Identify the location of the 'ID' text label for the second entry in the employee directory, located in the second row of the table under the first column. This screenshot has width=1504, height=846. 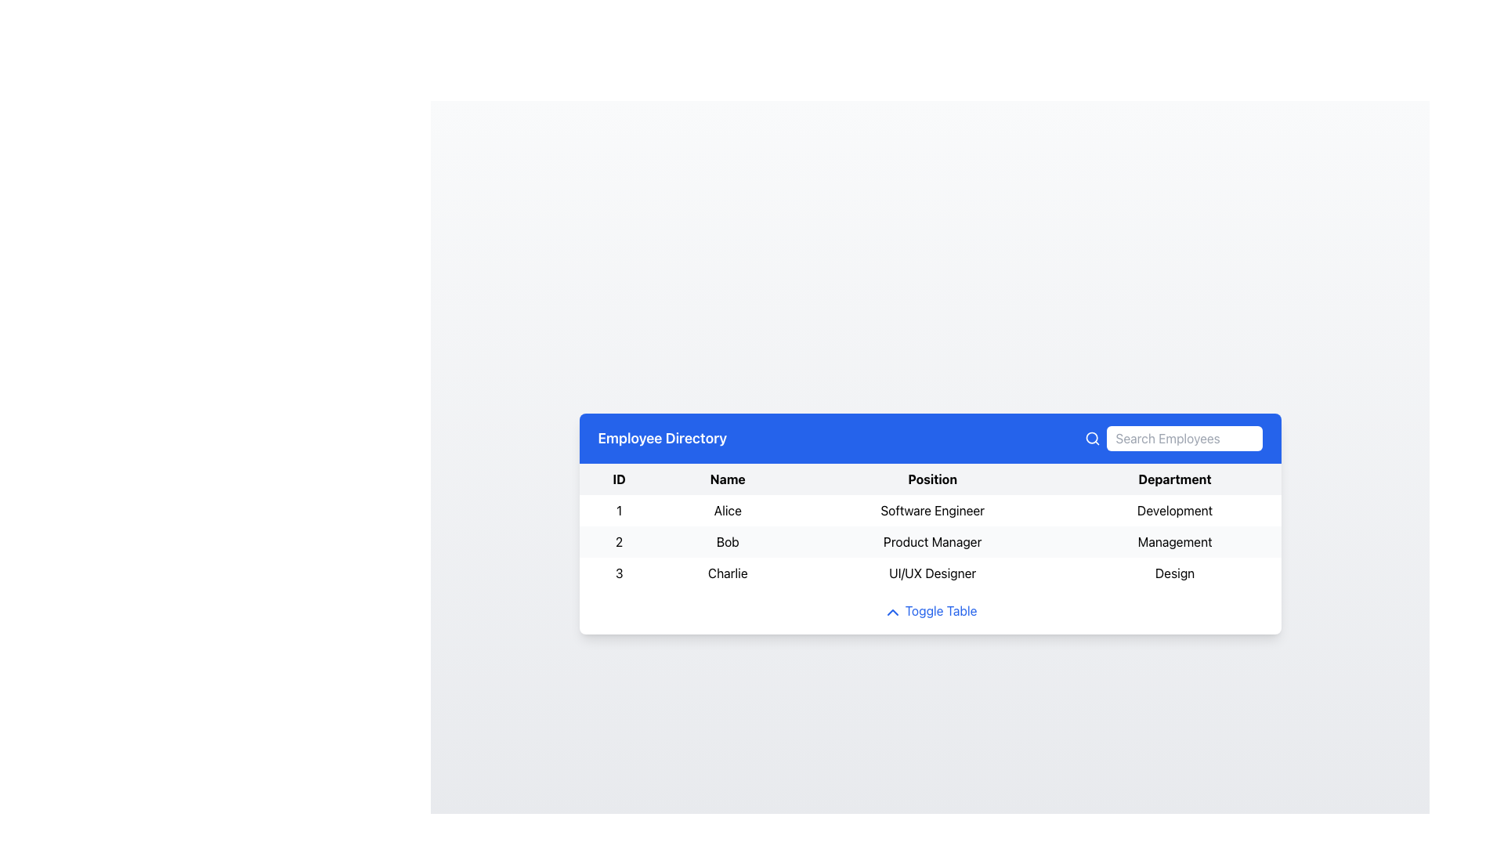
(618, 541).